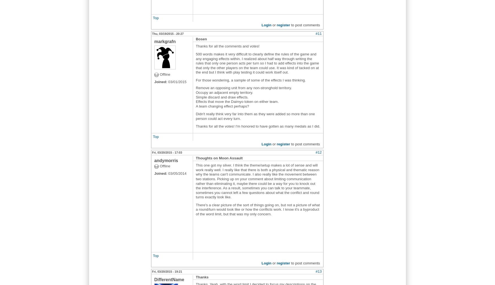 This screenshot has width=495, height=285. I want to click on '#12', so click(315, 152).